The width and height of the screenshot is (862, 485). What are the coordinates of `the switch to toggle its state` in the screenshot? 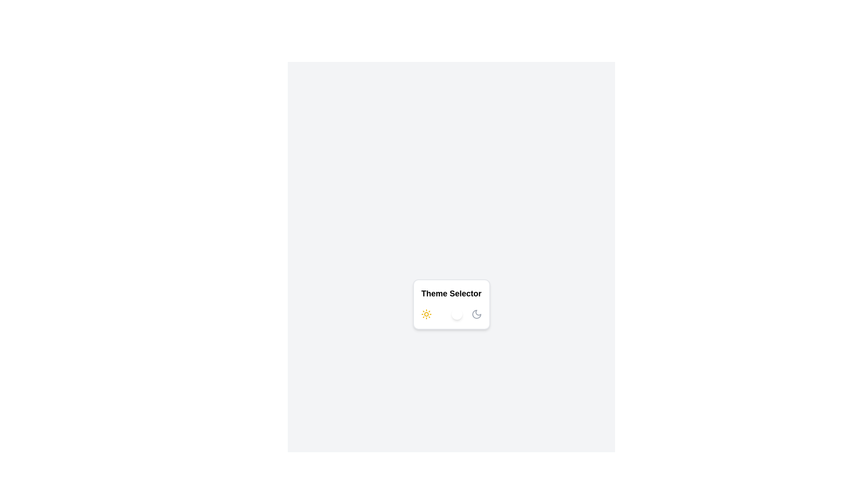 It's located at (451, 313).